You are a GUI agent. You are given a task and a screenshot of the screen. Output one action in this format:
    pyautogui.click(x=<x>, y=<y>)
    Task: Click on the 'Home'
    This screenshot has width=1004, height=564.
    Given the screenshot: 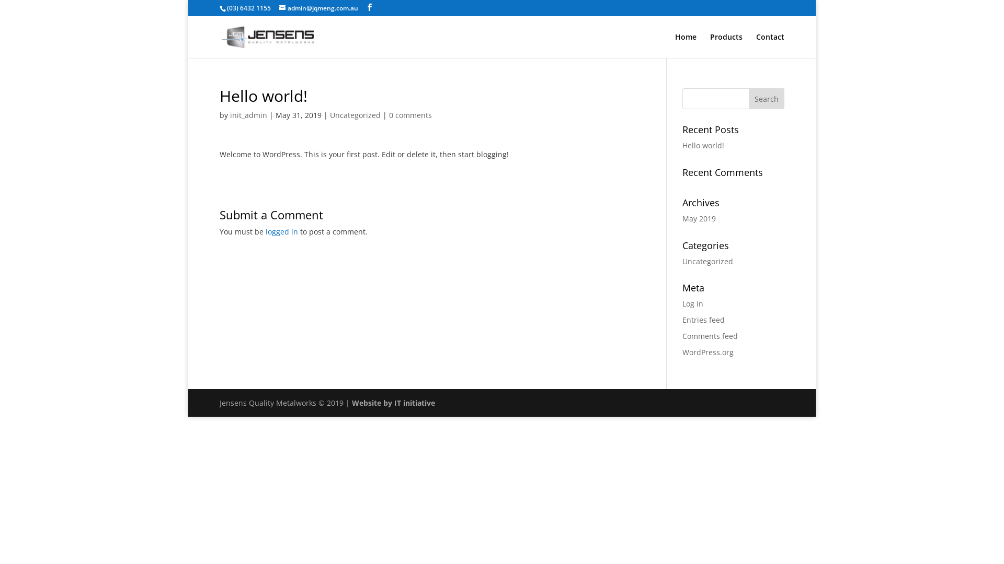 What is the action you would take?
    pyautogui.click(x=675, y=45)
    